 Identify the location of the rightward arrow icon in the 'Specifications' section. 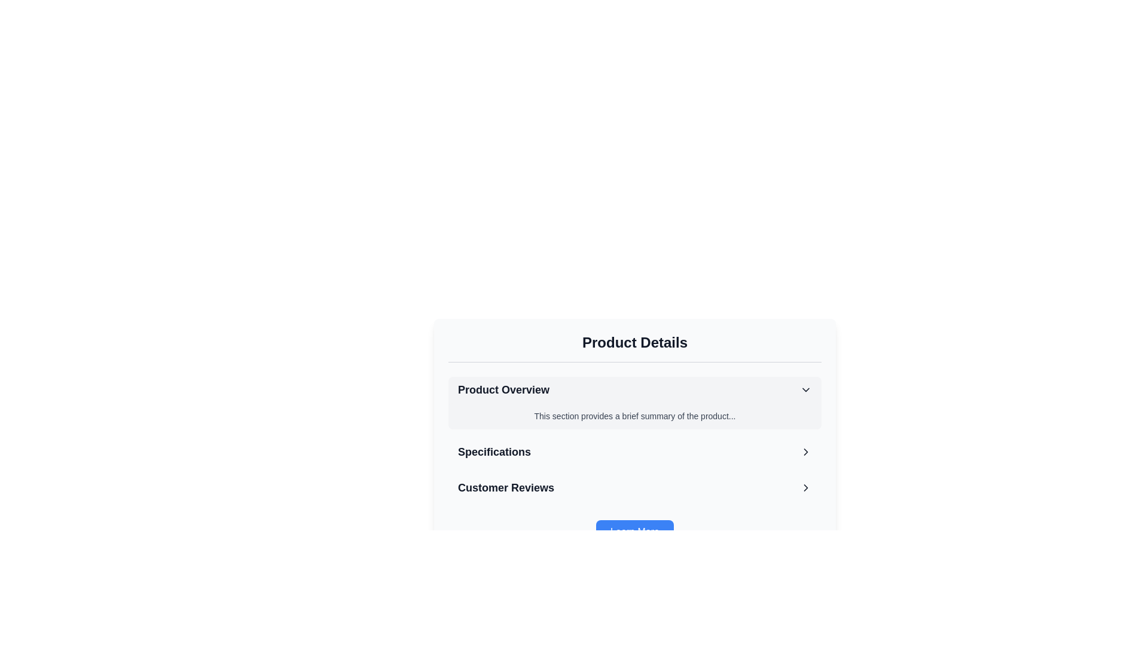
(806, 451).